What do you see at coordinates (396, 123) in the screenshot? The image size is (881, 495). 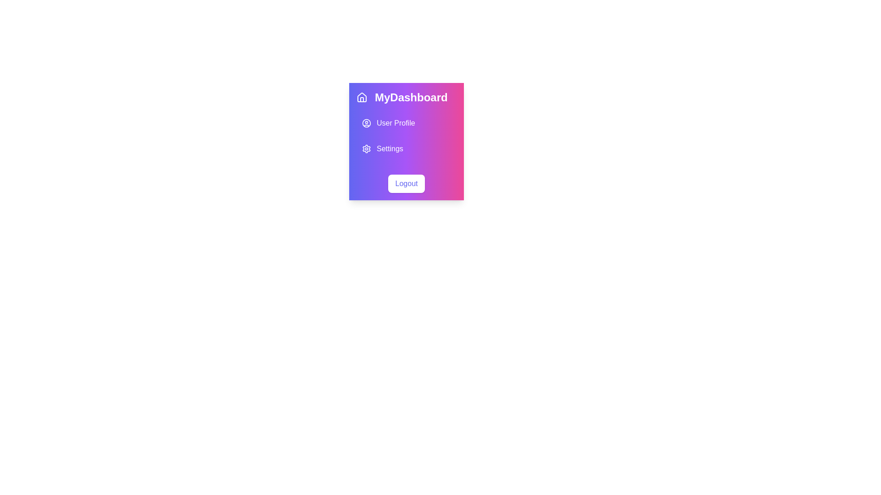 I see `the 'User Profile' text label, which is displayed in white on a gradient background from purple to pink, located within the second item of a vertical list in the dashboard interface` at bounding box center [396, 123].